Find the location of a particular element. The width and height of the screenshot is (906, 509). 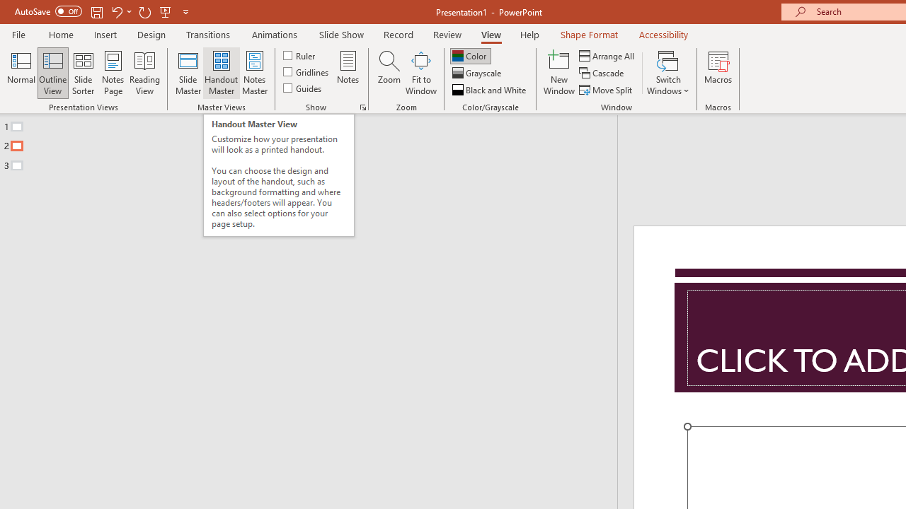

'Slide Master' is located at coordinates (187, 73).